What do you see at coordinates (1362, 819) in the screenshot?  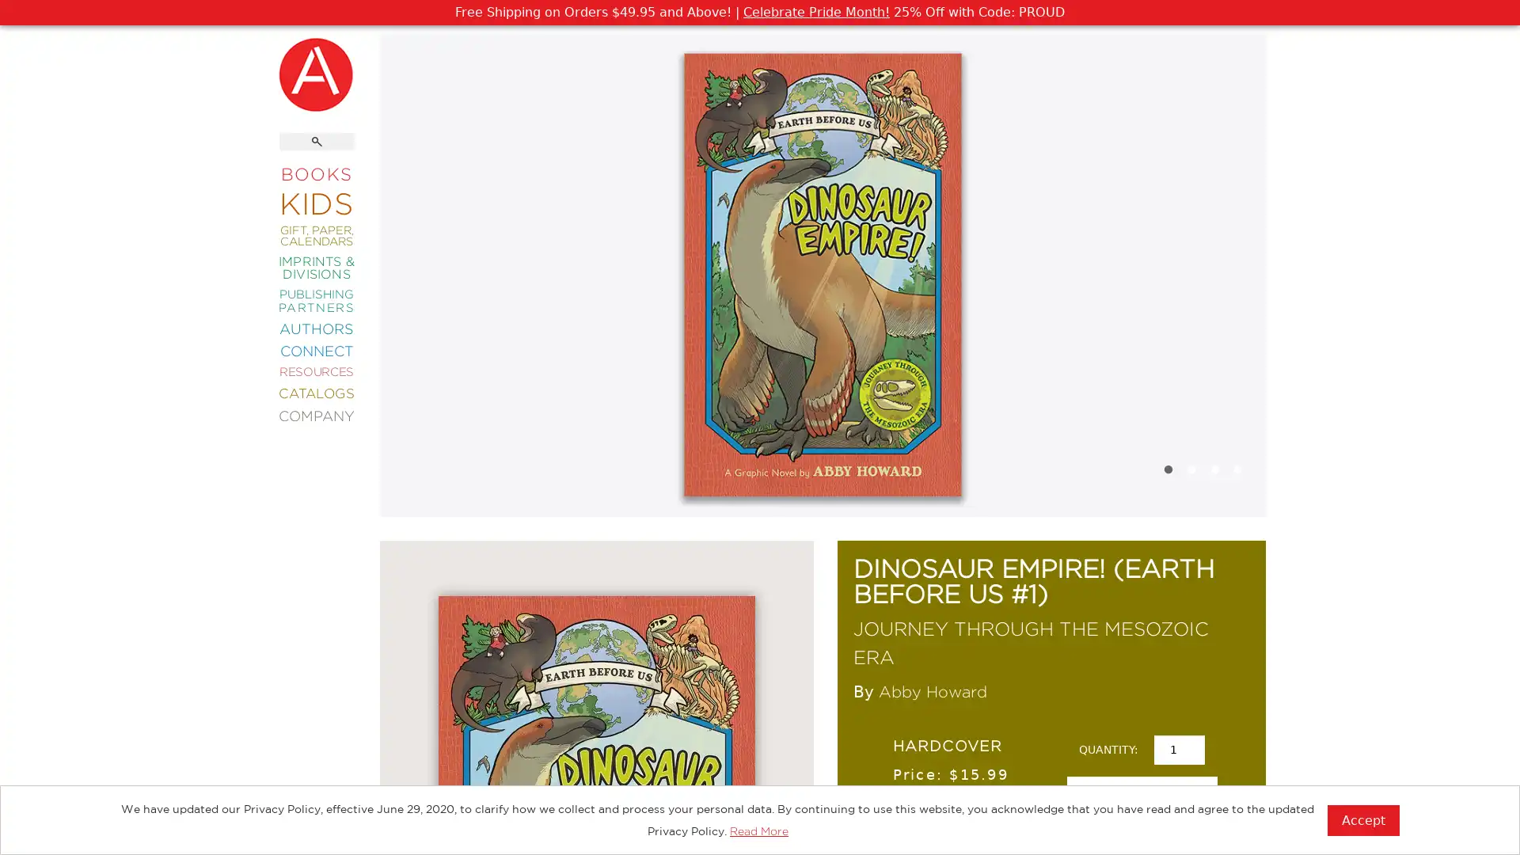 I see `Accept?` at bounding box center [1362, 819].